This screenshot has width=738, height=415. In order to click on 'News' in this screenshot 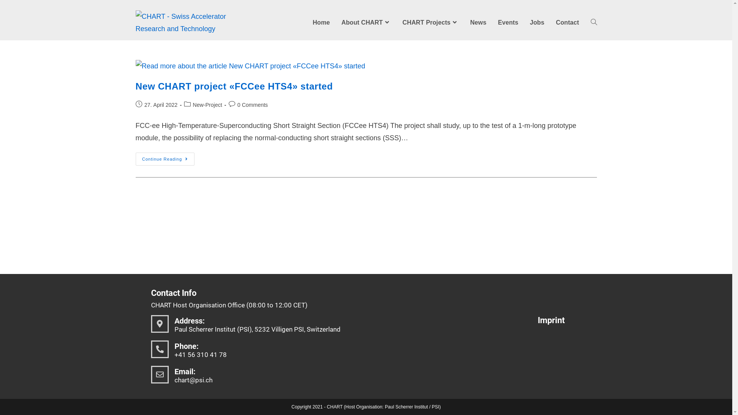, I will do `click(477, 22)`.